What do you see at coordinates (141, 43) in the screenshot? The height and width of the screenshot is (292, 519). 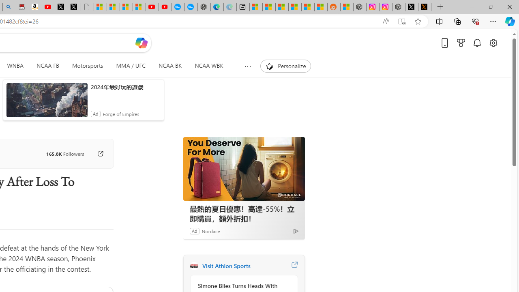 I see `'Open Copilot'` at bounding box center [141, 43].